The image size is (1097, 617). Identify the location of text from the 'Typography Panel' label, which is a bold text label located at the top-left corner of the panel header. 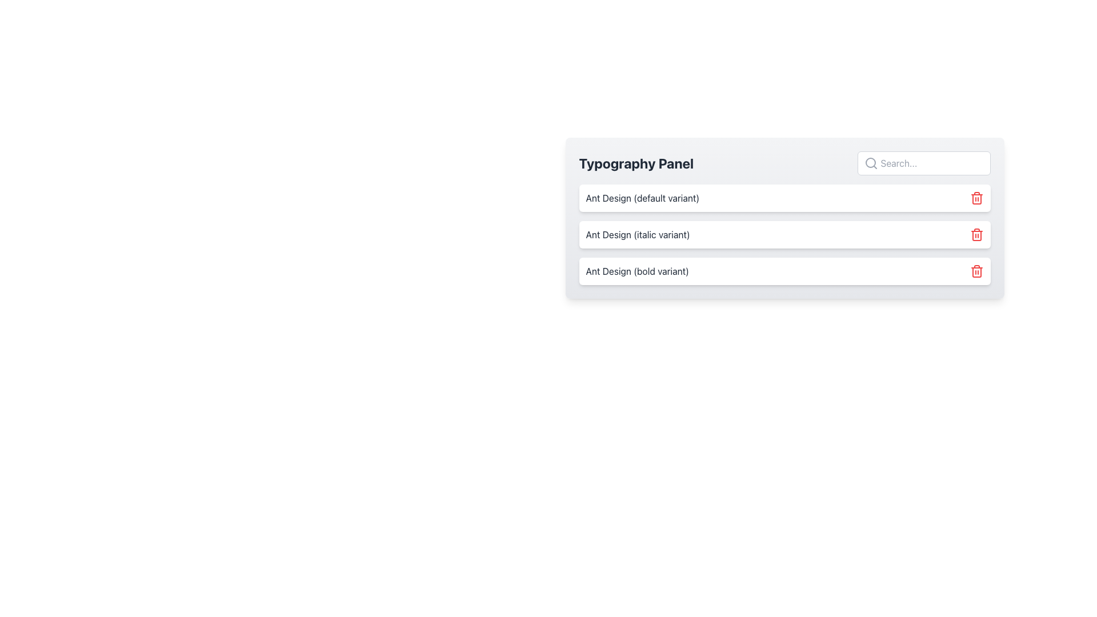
(635, 163).